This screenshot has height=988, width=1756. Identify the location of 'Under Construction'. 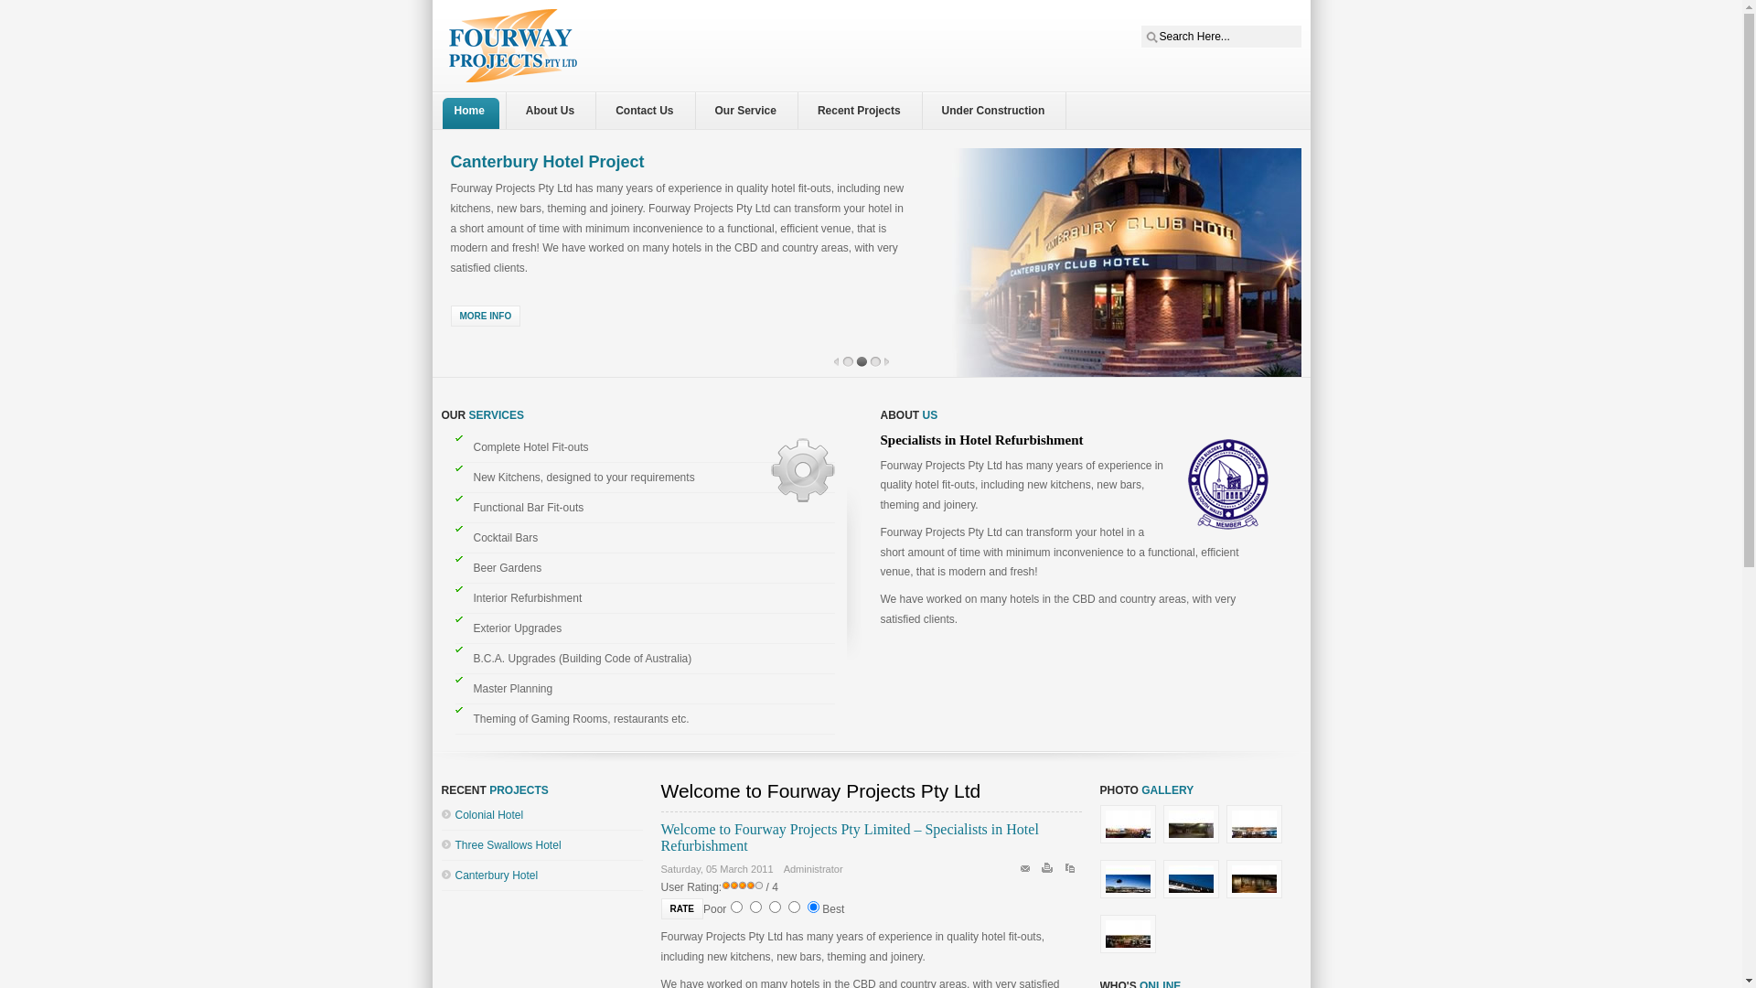
(997, 110).